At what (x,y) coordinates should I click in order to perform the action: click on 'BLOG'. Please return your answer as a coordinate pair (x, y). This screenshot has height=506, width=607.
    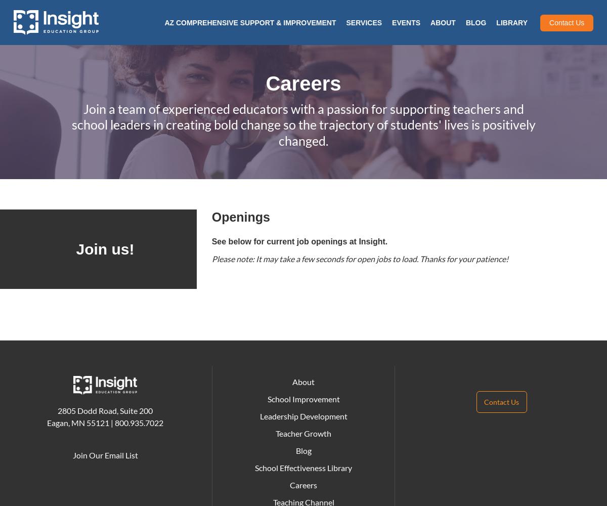
    Looking at the image, I should click on (475, 23).